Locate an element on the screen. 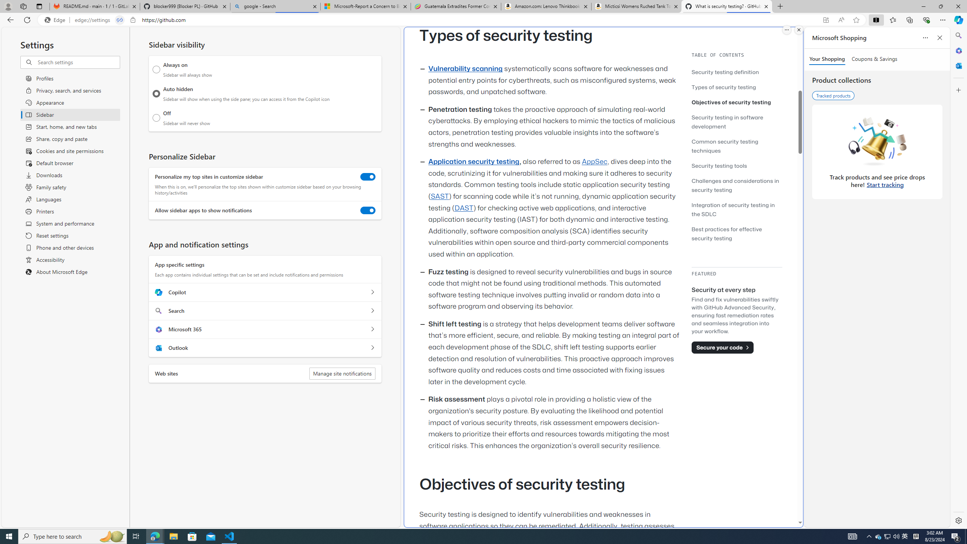  'Types of security testing' is located at coordinates (723, 87).